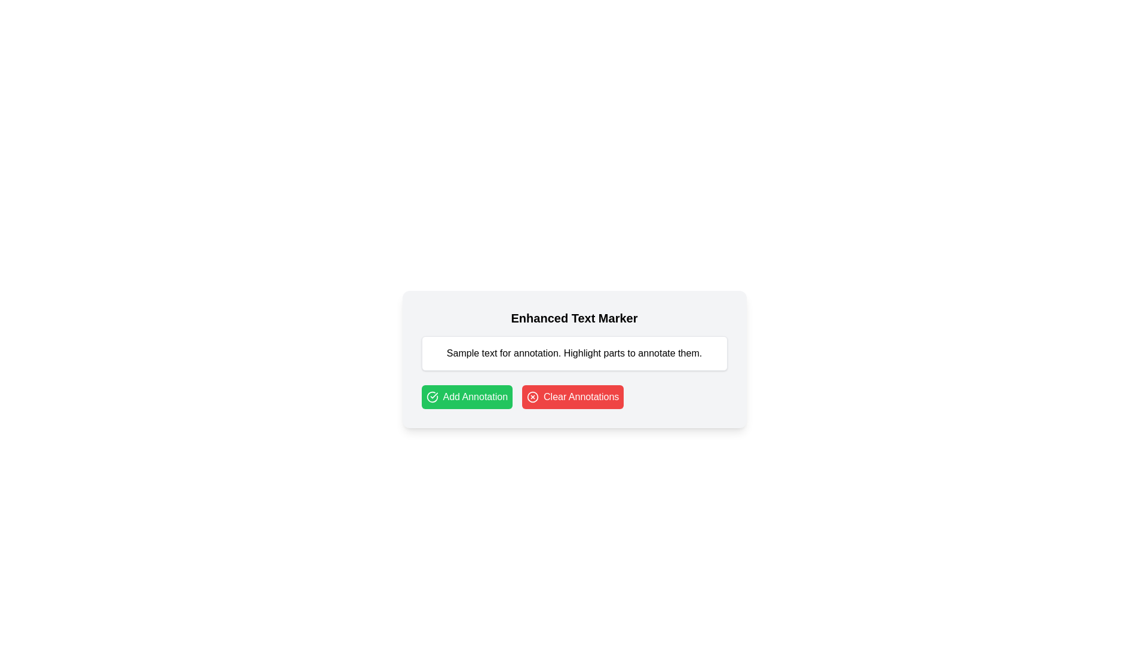 The height and width of the screenshot is (645, 1147). I want to click on the whitespace element located between the characters 'r' and 'a' in the phrase 'for annotation' within the text 'Sample text for annotation. Highlight parts to annotate them.', so click(512, 352).